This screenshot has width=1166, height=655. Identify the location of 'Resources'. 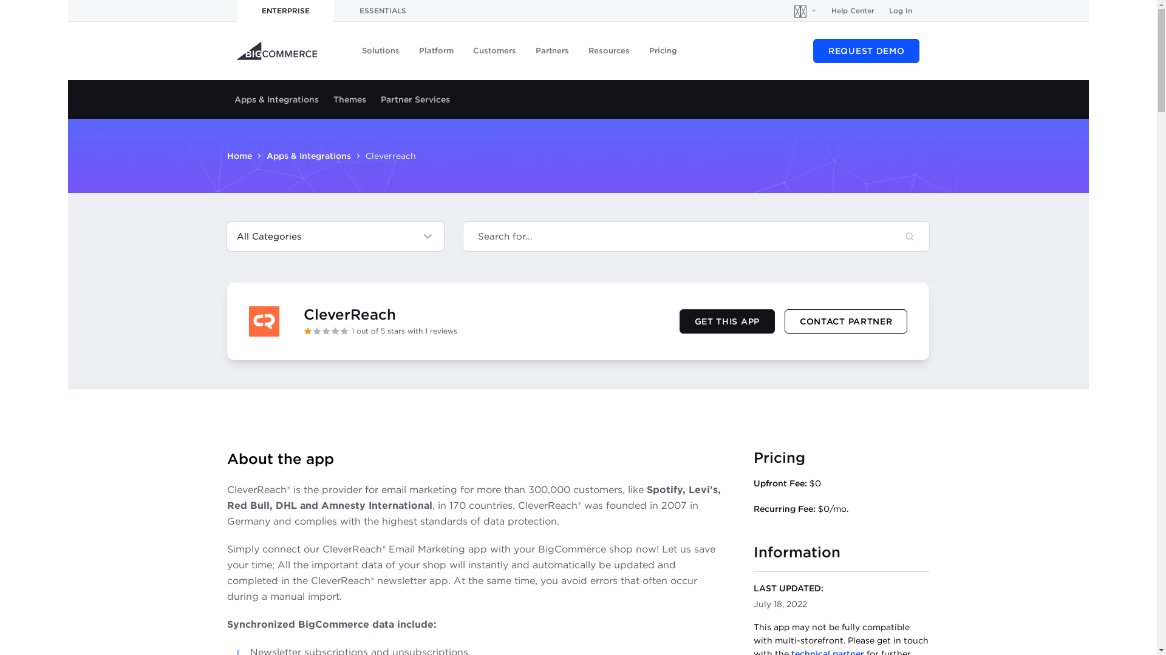
(609, 50).